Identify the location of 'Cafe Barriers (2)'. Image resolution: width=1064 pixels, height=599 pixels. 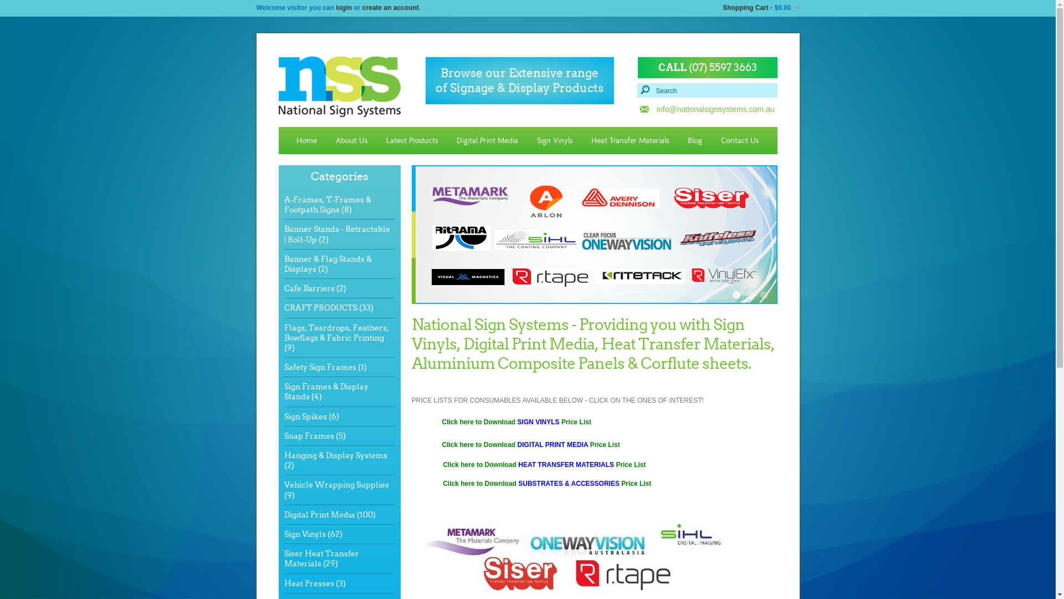
(284, 288).